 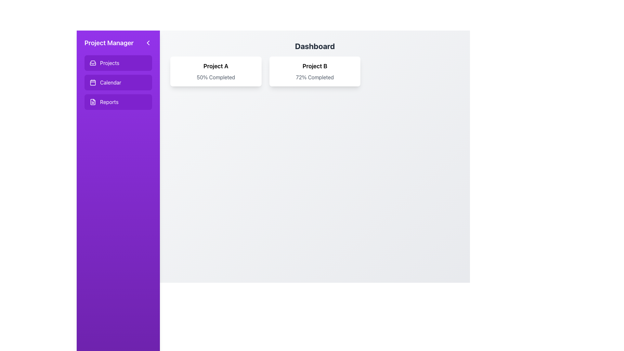 I want to click on the 'Projects' icon located in the top button of the left sidebar, which visually represents the category of 'Projects', so click(x=93, y=63).